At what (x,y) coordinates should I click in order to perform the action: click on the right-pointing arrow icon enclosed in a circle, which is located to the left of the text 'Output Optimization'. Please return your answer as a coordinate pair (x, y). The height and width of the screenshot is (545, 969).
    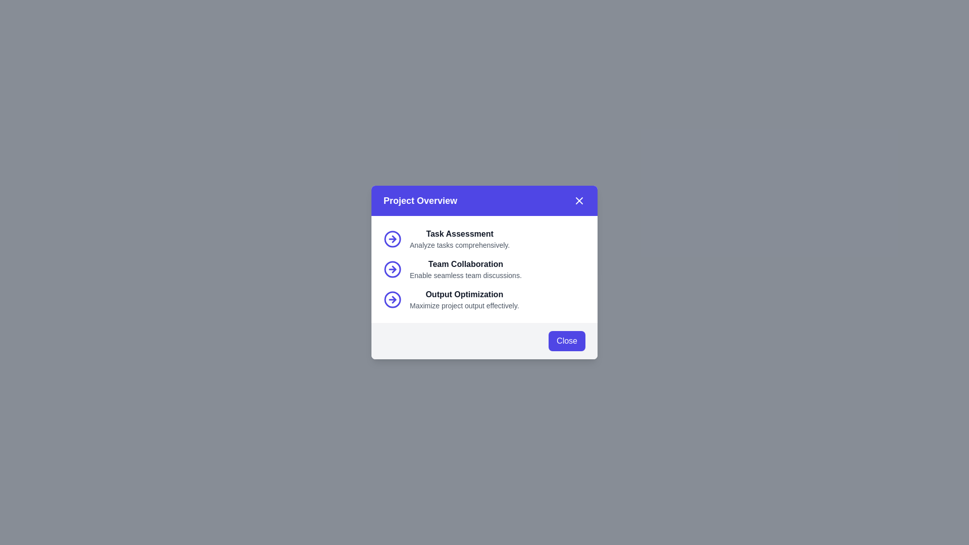
    Looking at the image, I should click on (392, 299).